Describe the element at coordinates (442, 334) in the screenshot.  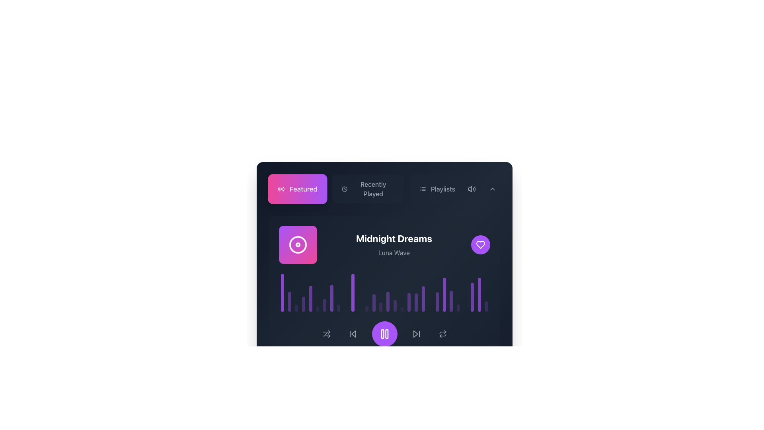
I see `the repeat functionality button located in the bottom control bar` at that location.